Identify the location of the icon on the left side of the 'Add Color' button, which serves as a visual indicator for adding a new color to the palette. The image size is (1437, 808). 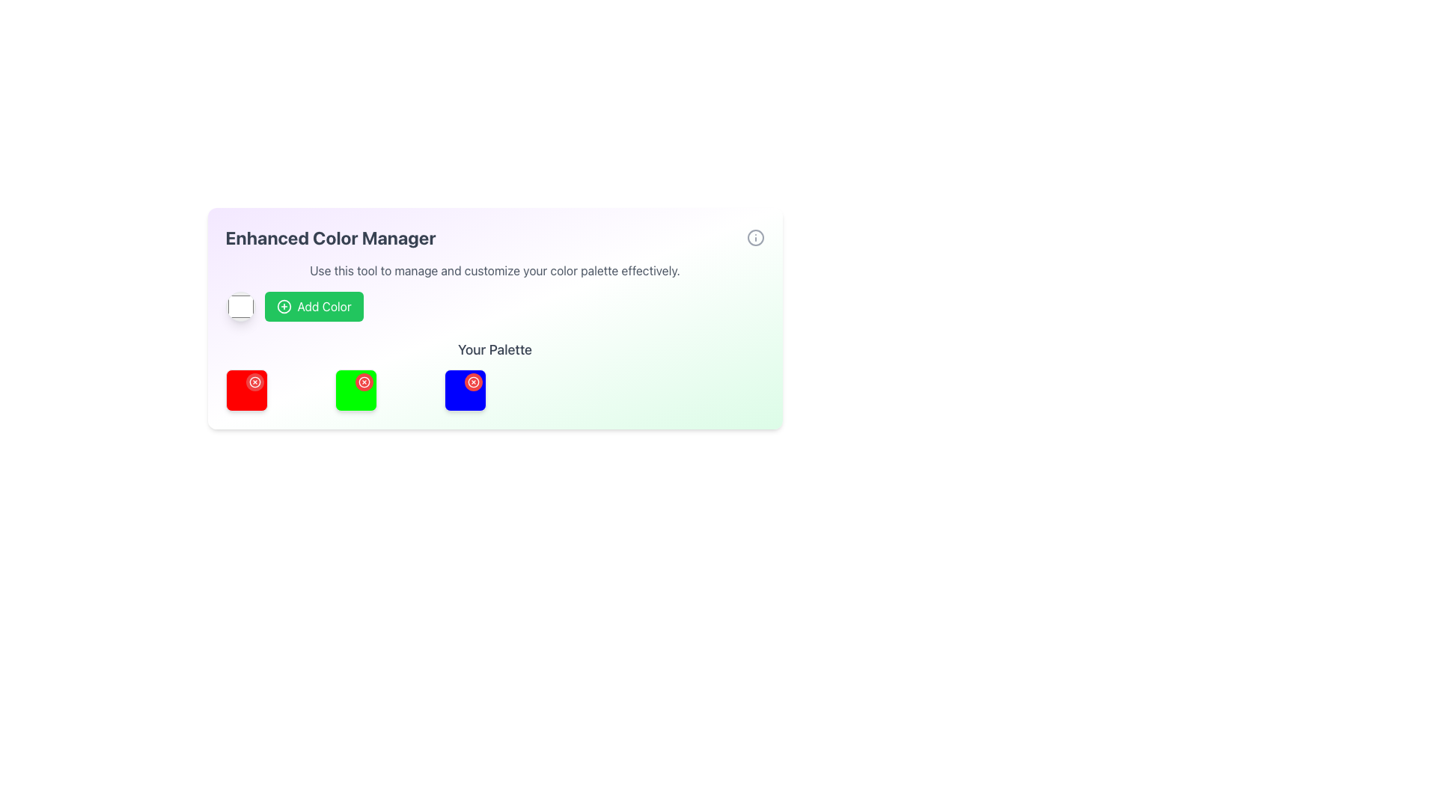
(284, 305).